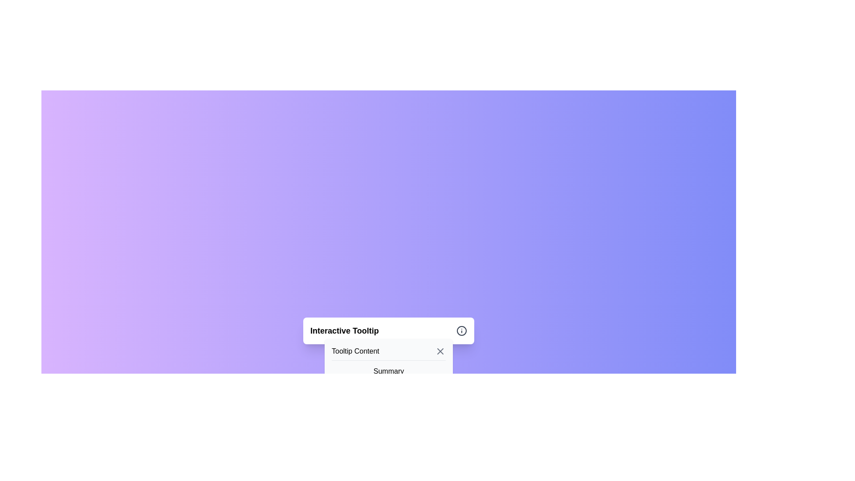 The image size is (855, 481). I want to click on the bold text label 'Interactive Tooltip', which is styled prominently in black and positioned to the left of an information icon, so click(344, 331).